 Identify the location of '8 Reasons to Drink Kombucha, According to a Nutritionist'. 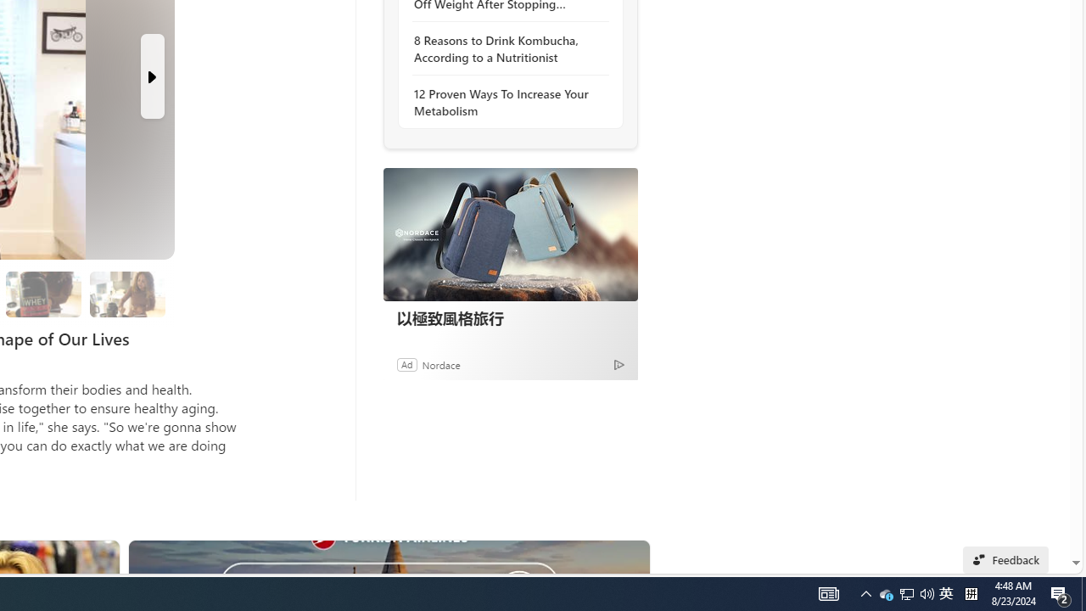
(505, 48).